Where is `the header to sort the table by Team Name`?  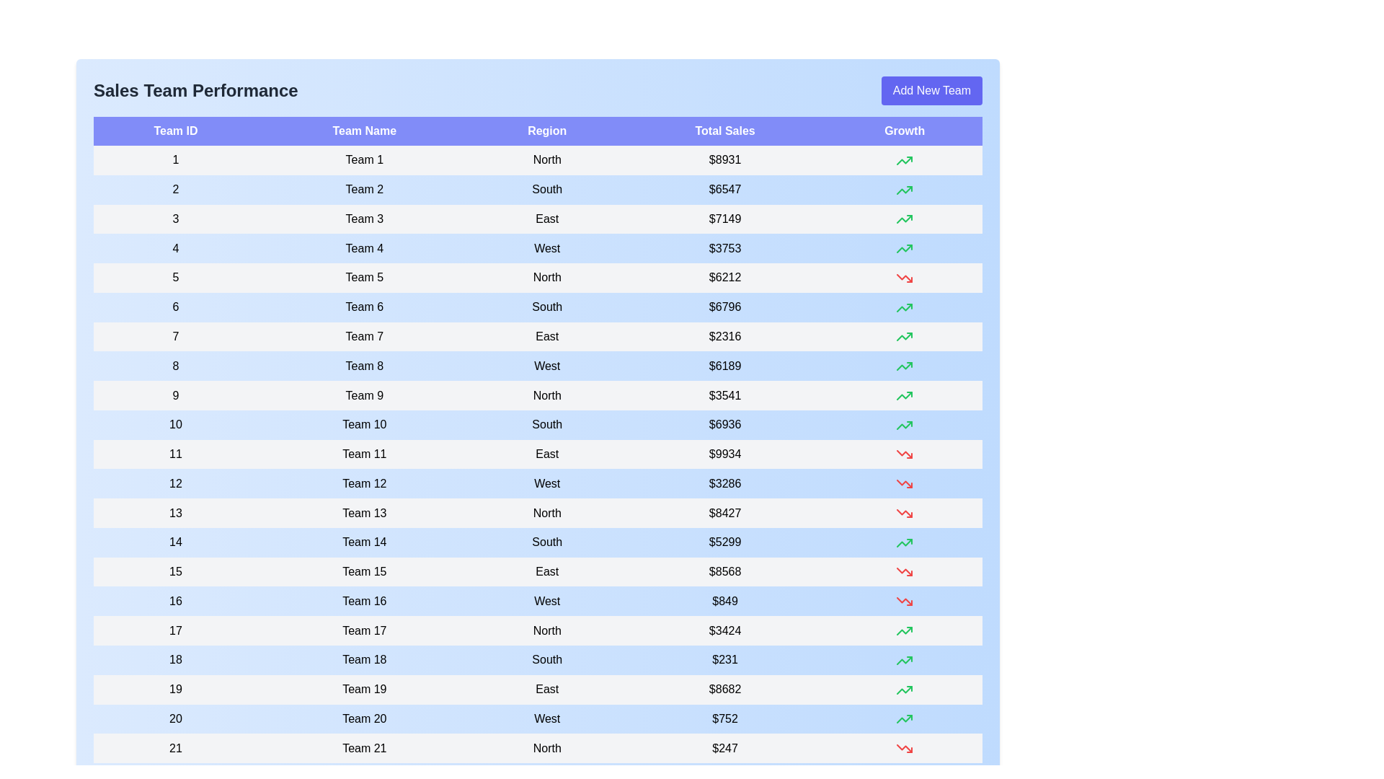
the header to sort the table by Team Name is located at coordinates (364, 131).